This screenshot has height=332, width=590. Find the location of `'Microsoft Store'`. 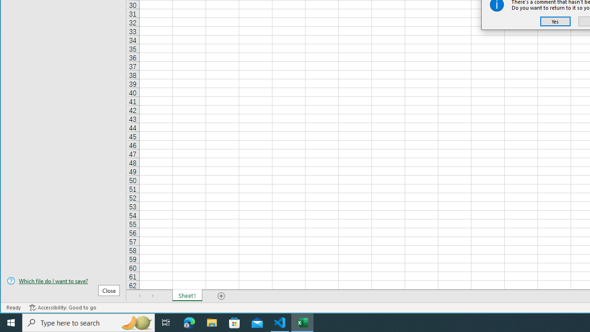

'Microsoft Store' is located at coordinates (235, 322).